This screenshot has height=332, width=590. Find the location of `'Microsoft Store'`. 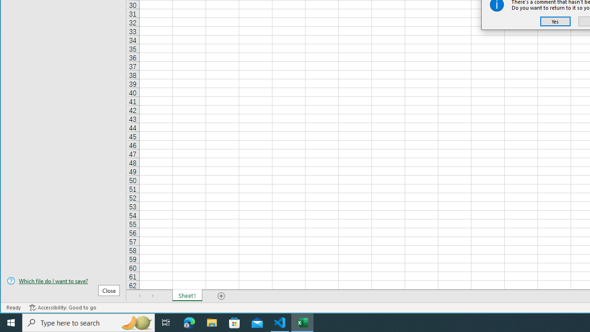

'Microsoft Store' is located at coordinates (235, 322).